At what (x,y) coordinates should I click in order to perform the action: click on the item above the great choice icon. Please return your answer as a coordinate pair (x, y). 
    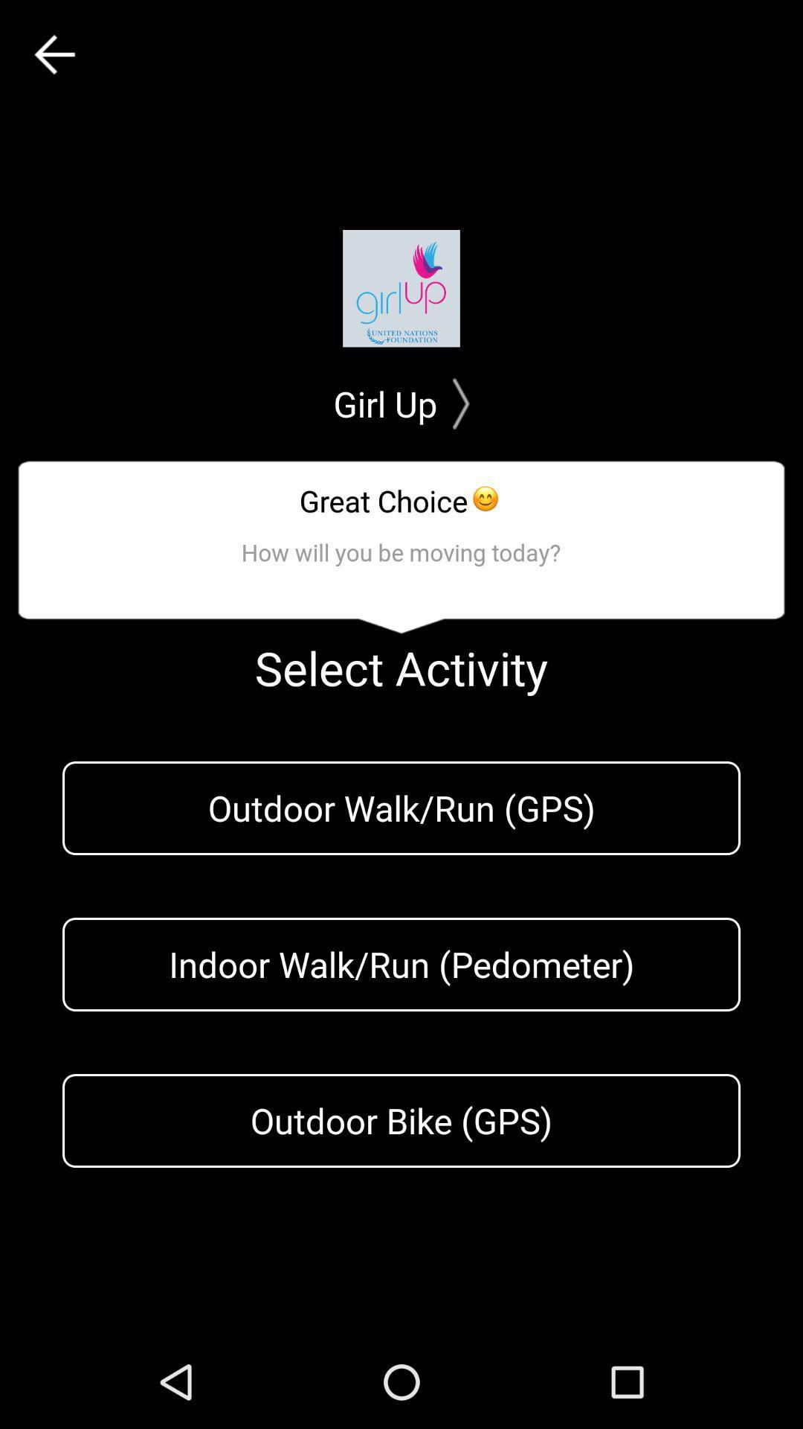
    Looking at the image, I should click on (401, 403).